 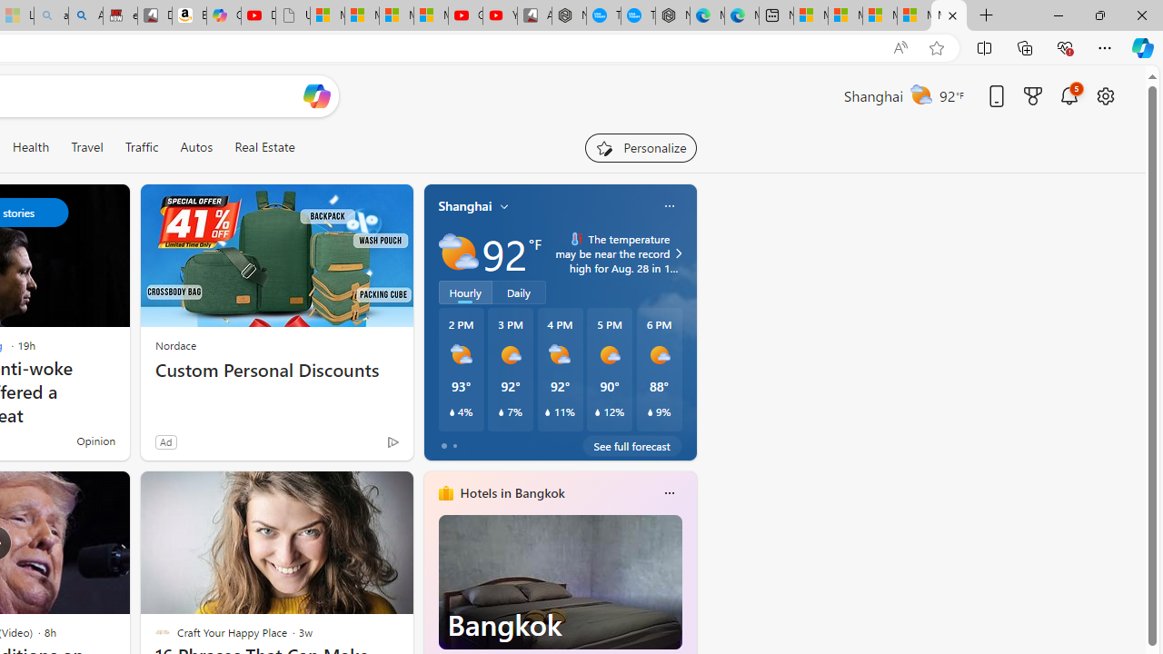 What do you see at coordinates (511, 493) in the screenshot?
I see `'Hotels in Bangkok'` at bounding box center [511, 493].